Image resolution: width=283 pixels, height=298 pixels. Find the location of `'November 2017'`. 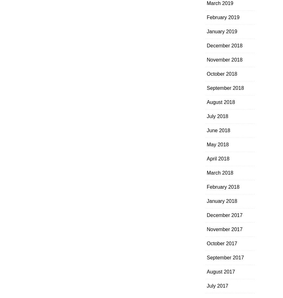

'November 2017' is located at coordinates (224, 229).